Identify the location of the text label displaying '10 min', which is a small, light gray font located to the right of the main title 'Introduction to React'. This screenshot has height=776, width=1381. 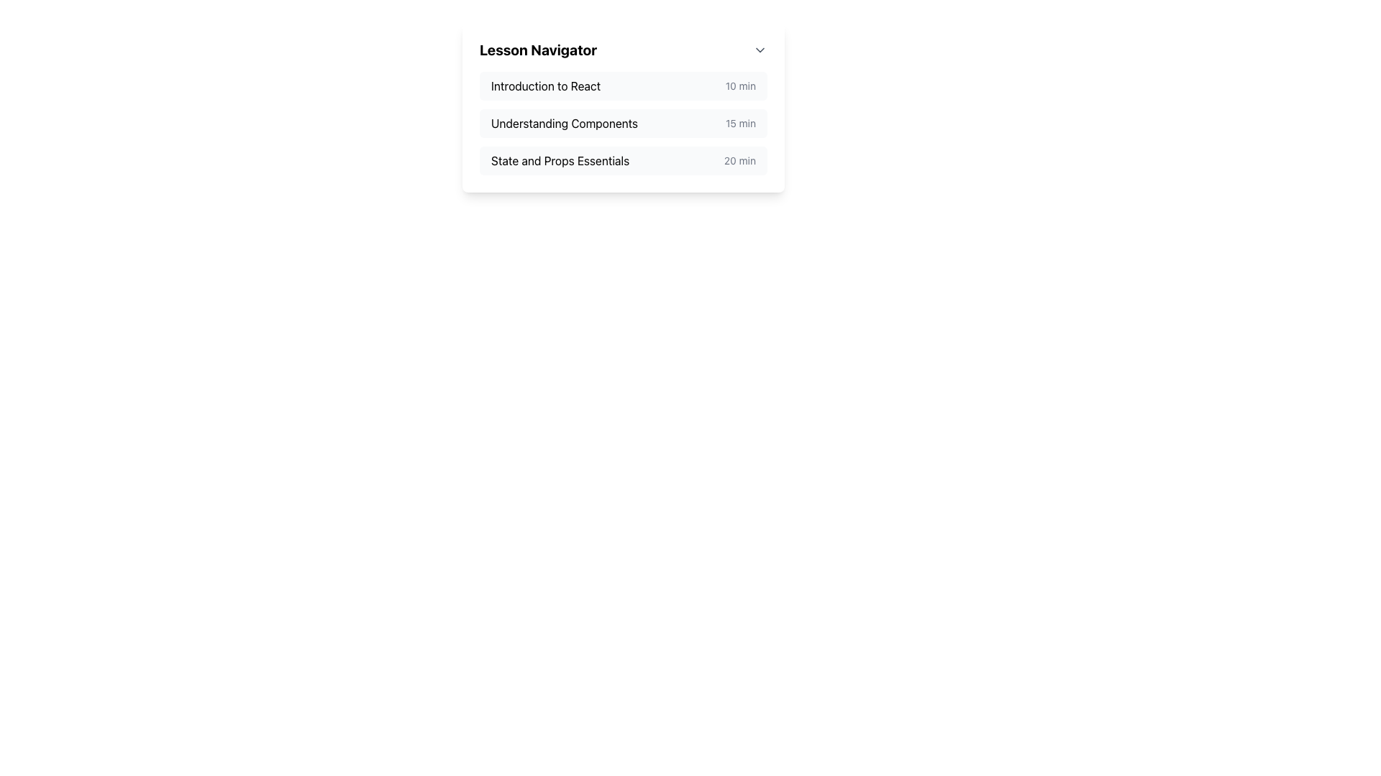
(740, 86).